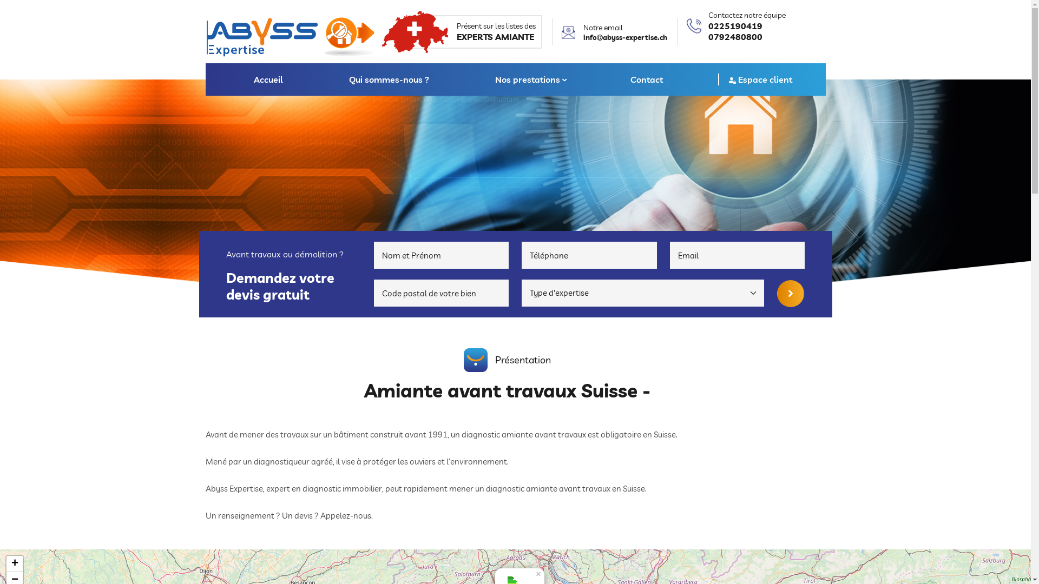 The width and height of the screenshot is (1039, 584). I want to click on 'Contact', so click(647, 78).